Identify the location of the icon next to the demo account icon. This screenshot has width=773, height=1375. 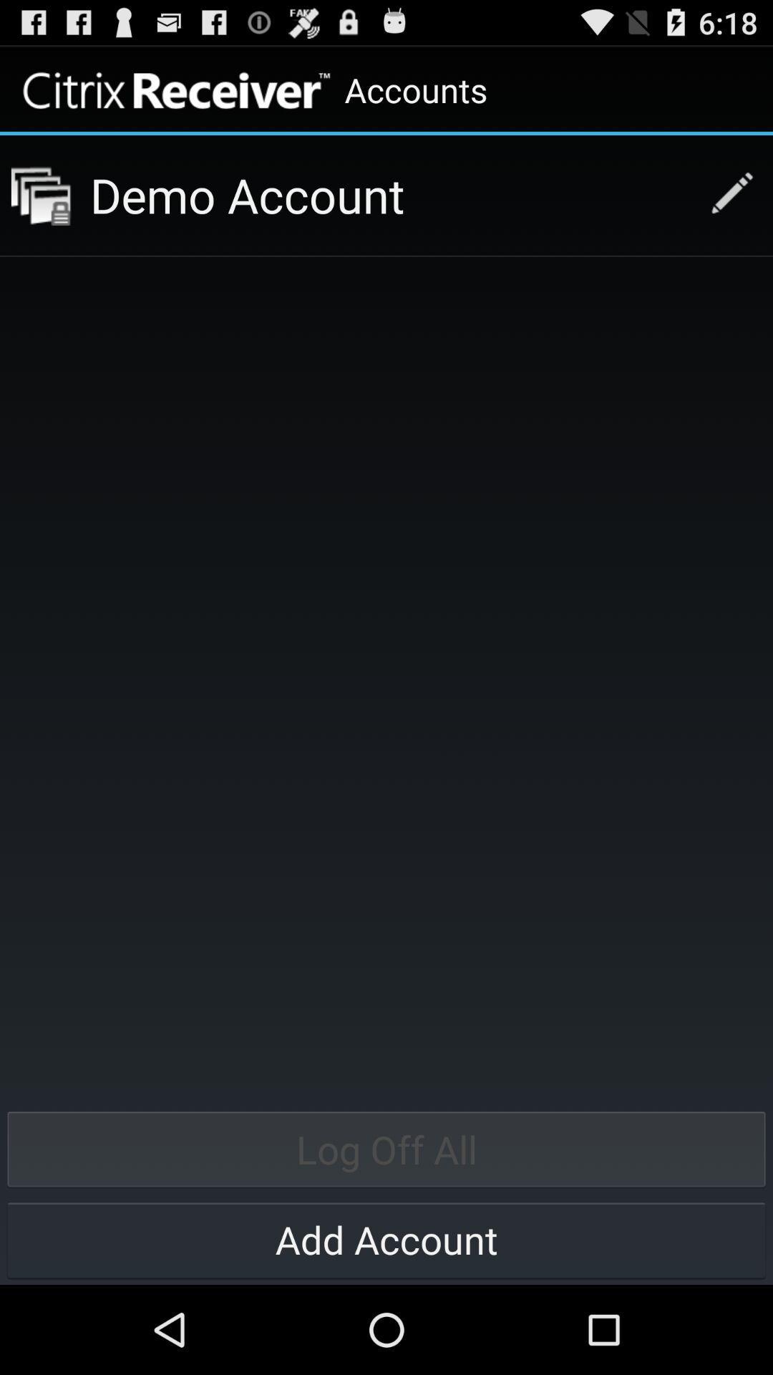
(724, 195).